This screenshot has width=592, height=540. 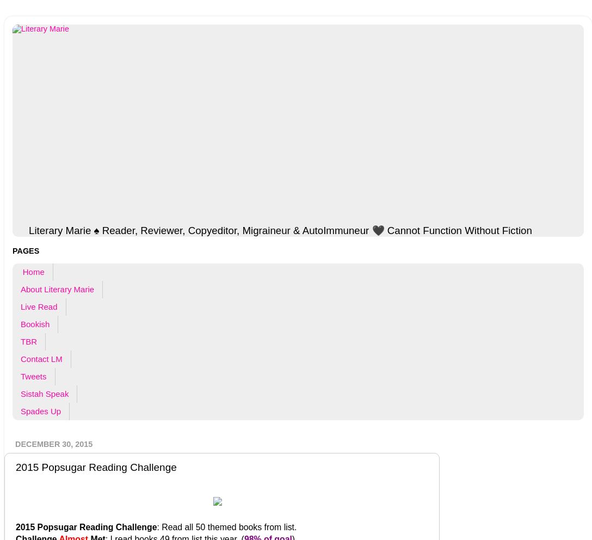 I want to click on 'Tweets', so click(x=33, y=376).